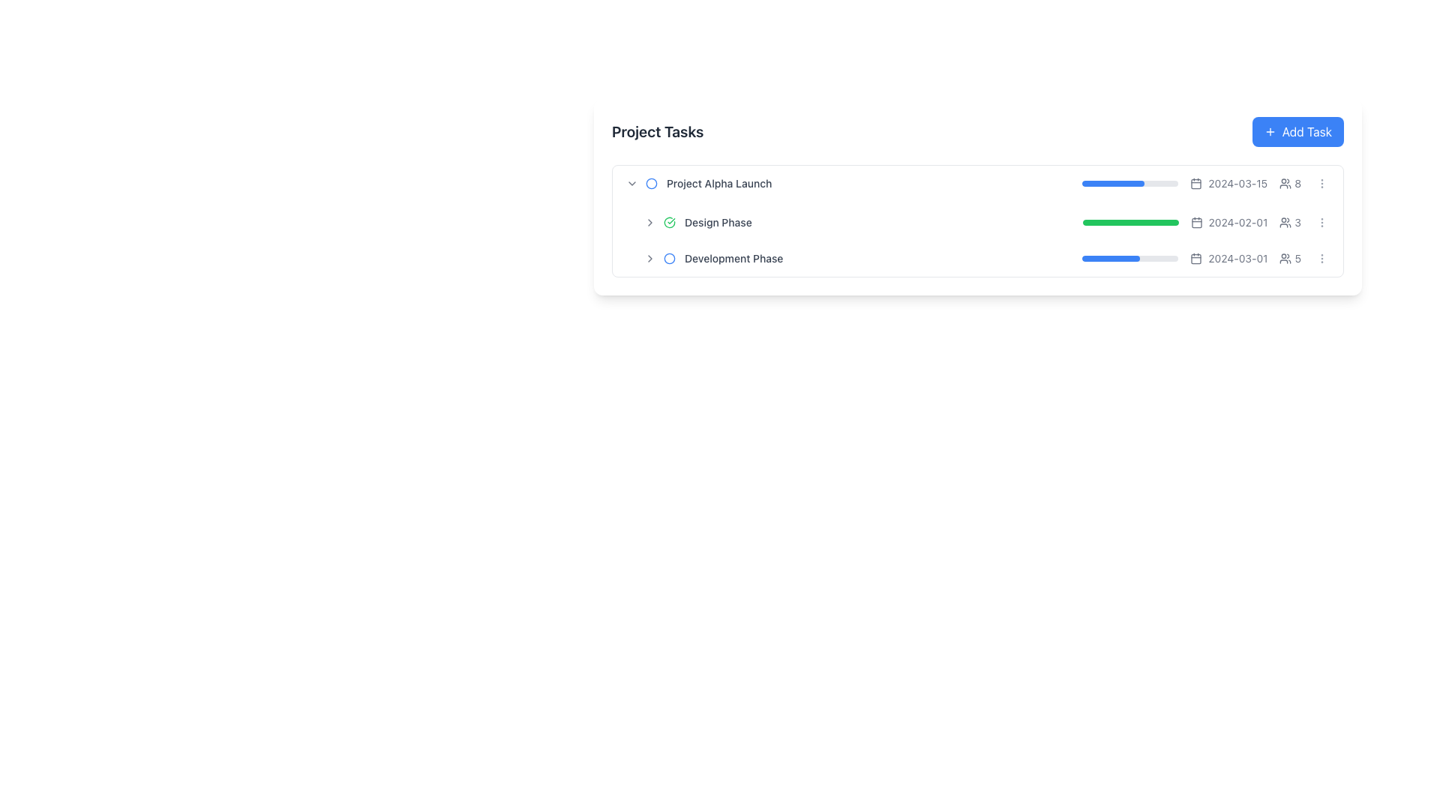 This screenshot has width=1440, height=810. Describe the element at coordinates (1306, 131) in the screenshot. I see `the 'Add Task' button located in the top-right corner of the task list interface` at that location.